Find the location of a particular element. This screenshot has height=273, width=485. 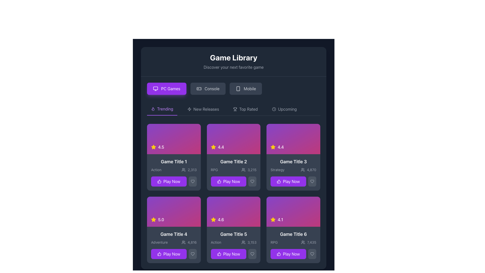

the non-interactive text label indicating the genre category 'Action' for the game titled 'Game Title 5', located just above the Play Now button and to the left of the player count is located at coordinates (216, 242).